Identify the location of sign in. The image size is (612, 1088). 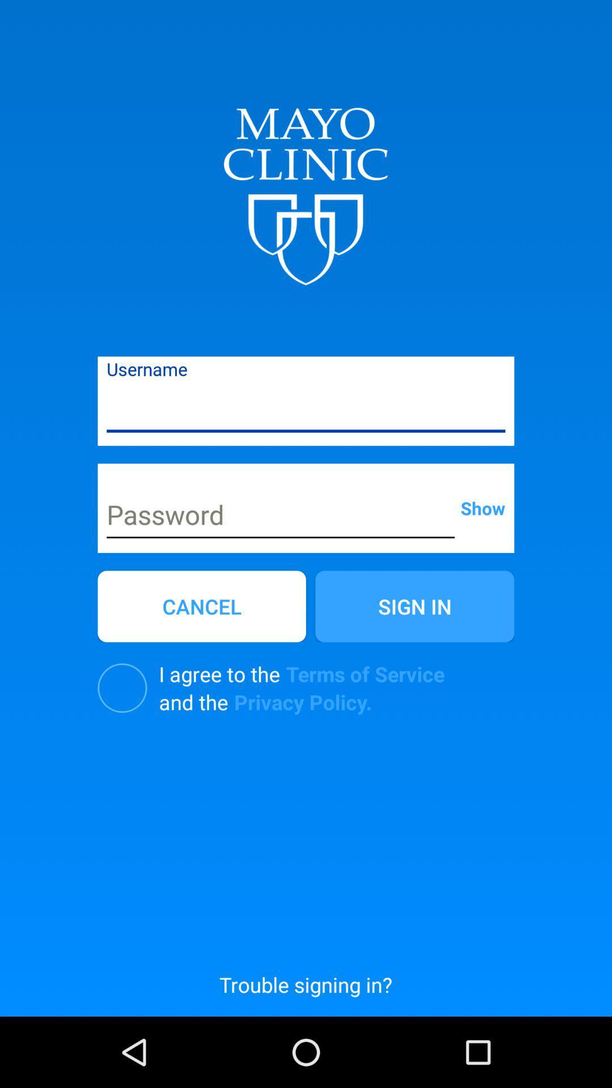
(415, 606).